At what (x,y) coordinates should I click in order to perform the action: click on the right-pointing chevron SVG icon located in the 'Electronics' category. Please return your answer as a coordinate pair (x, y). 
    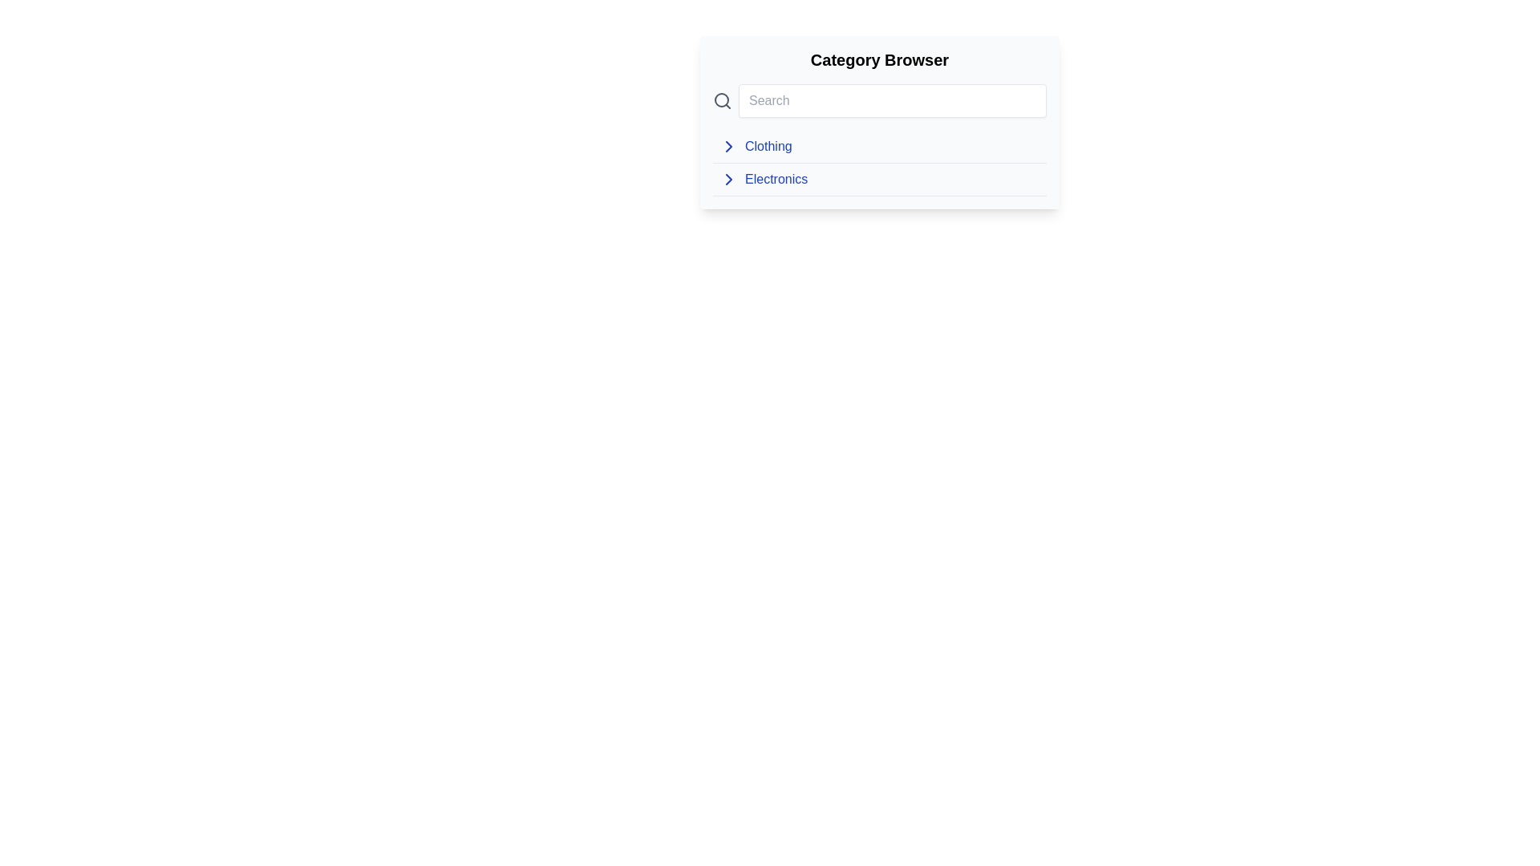
    Looking at the image, I should click on (727, 146).